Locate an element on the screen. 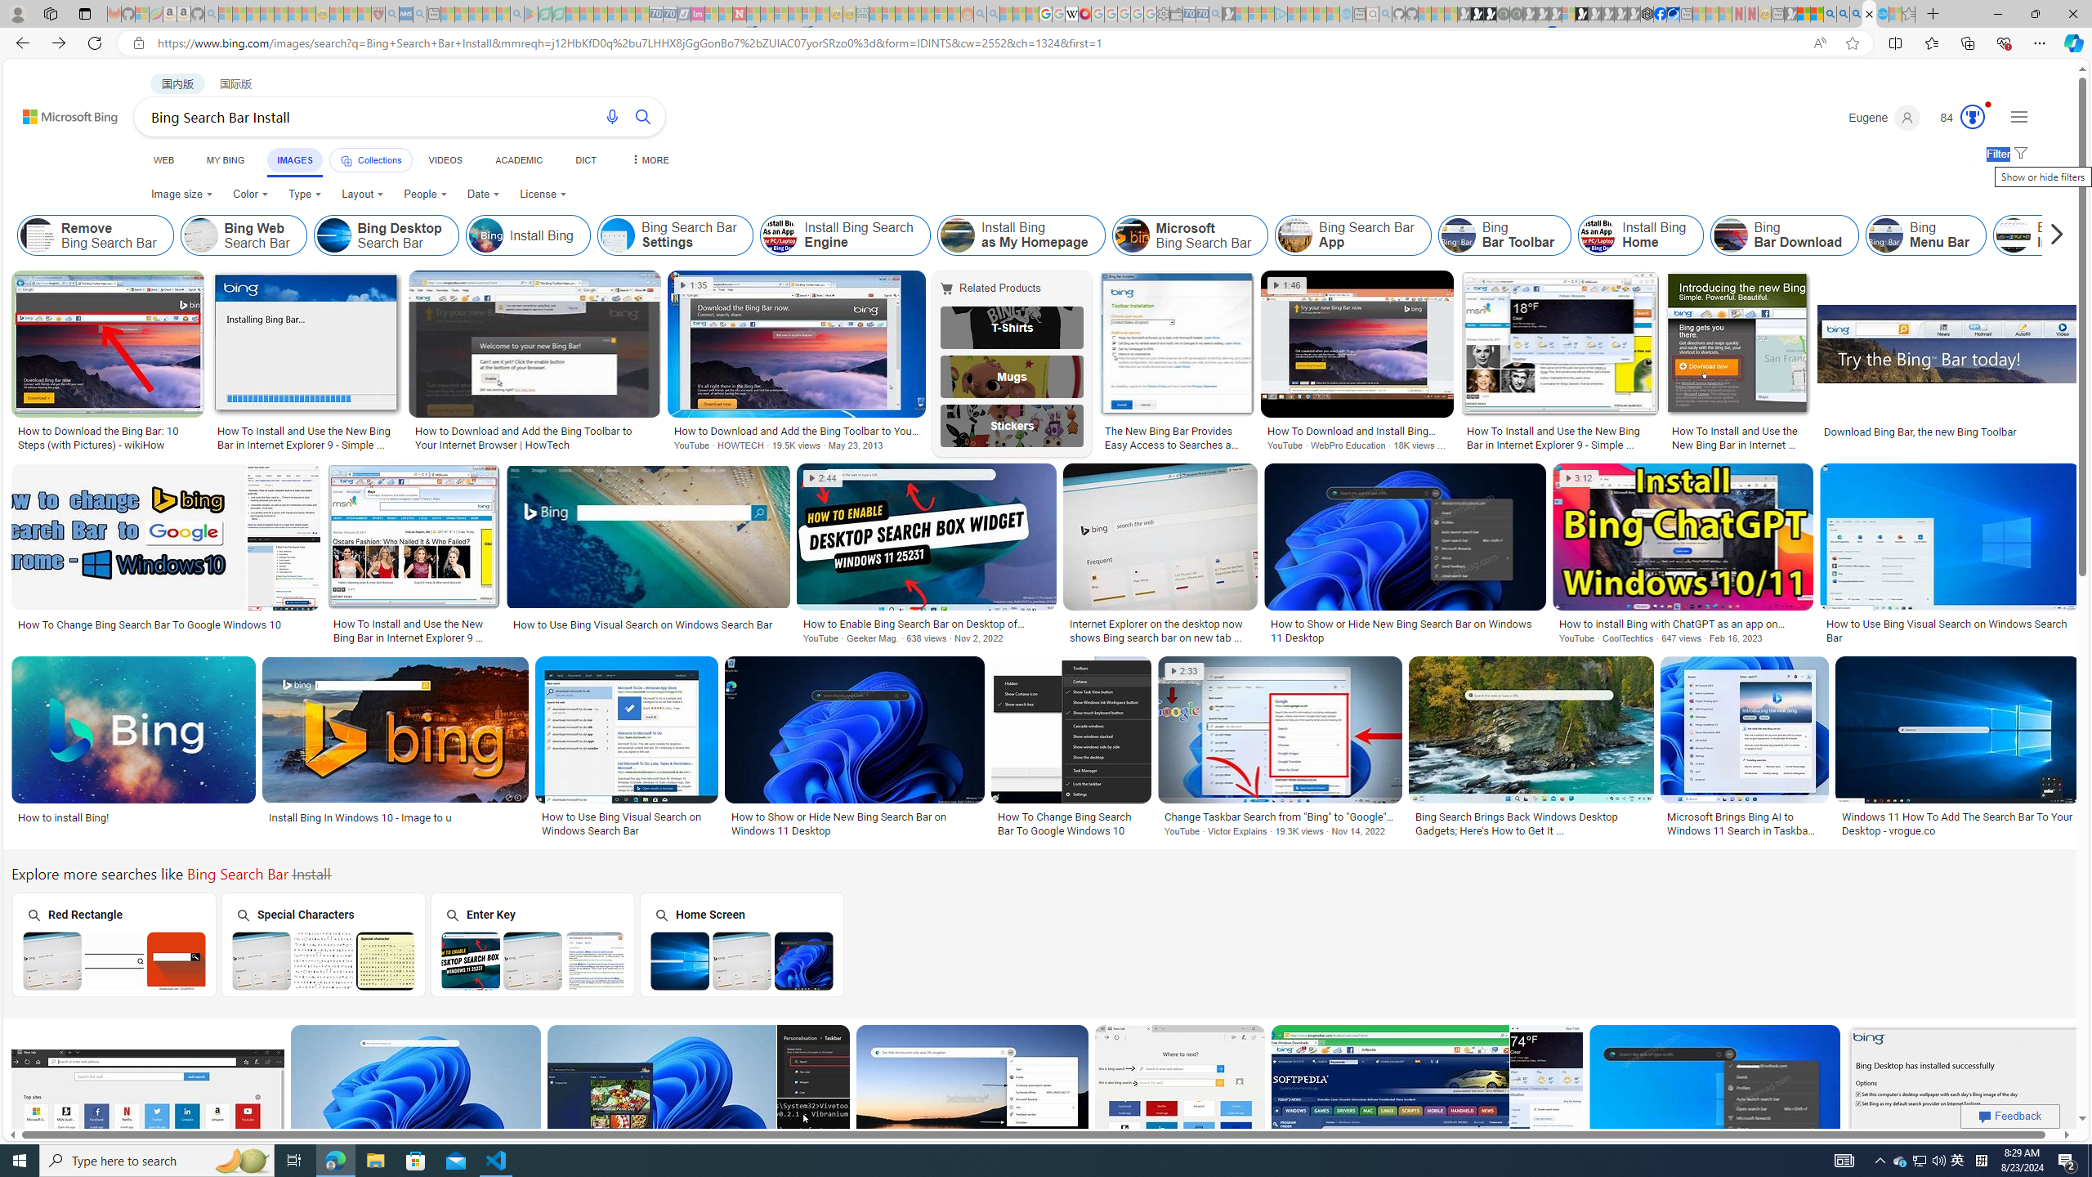 Image resolution: width=2092 pixels, height=1177 pixels. 'Related ProductsT-ShirtsMugsStickers' is located at coordinates (1015, 363).